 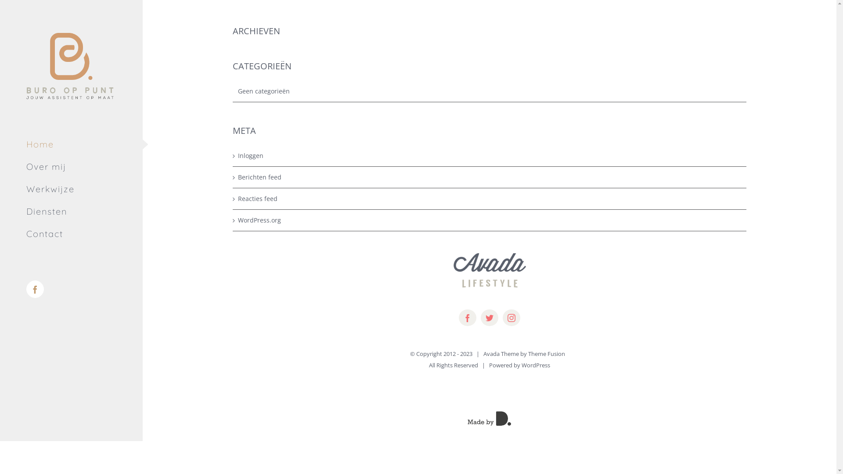 What do you see at coordinates (71, 144) in the screenshot?
I see `'Home'` at bounding box center [71, 144].